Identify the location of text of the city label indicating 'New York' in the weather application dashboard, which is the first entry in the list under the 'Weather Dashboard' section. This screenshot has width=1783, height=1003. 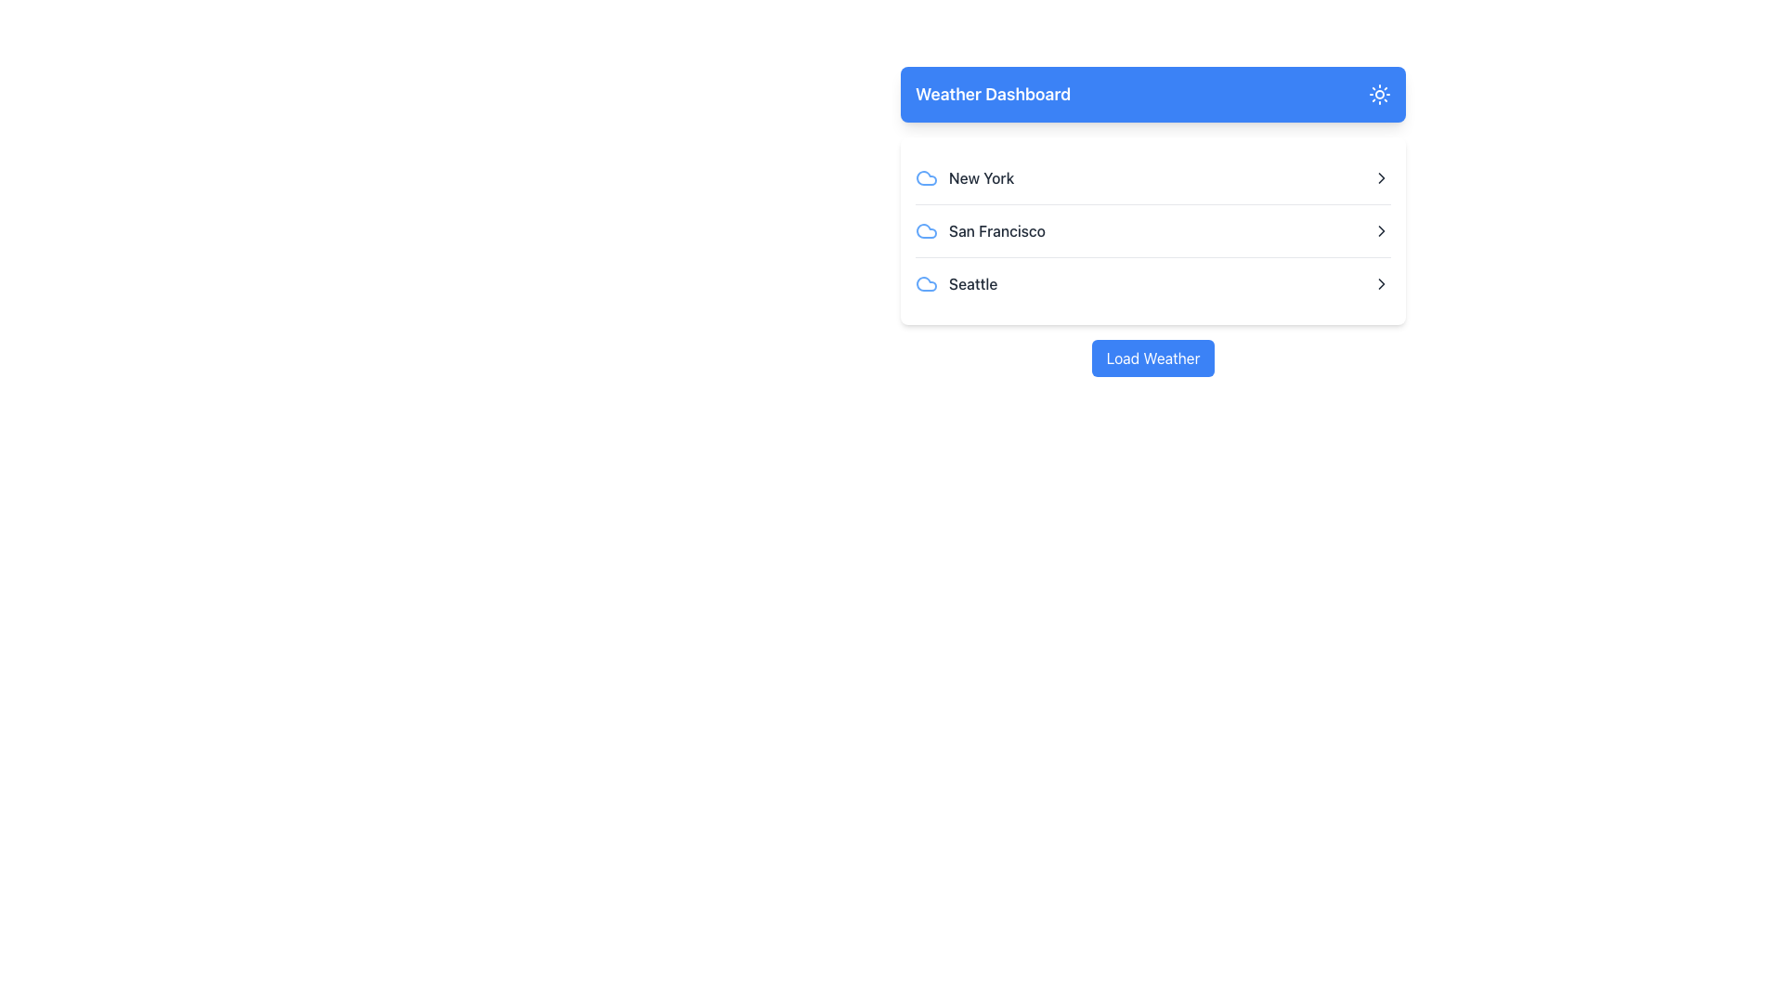
(981, 178).